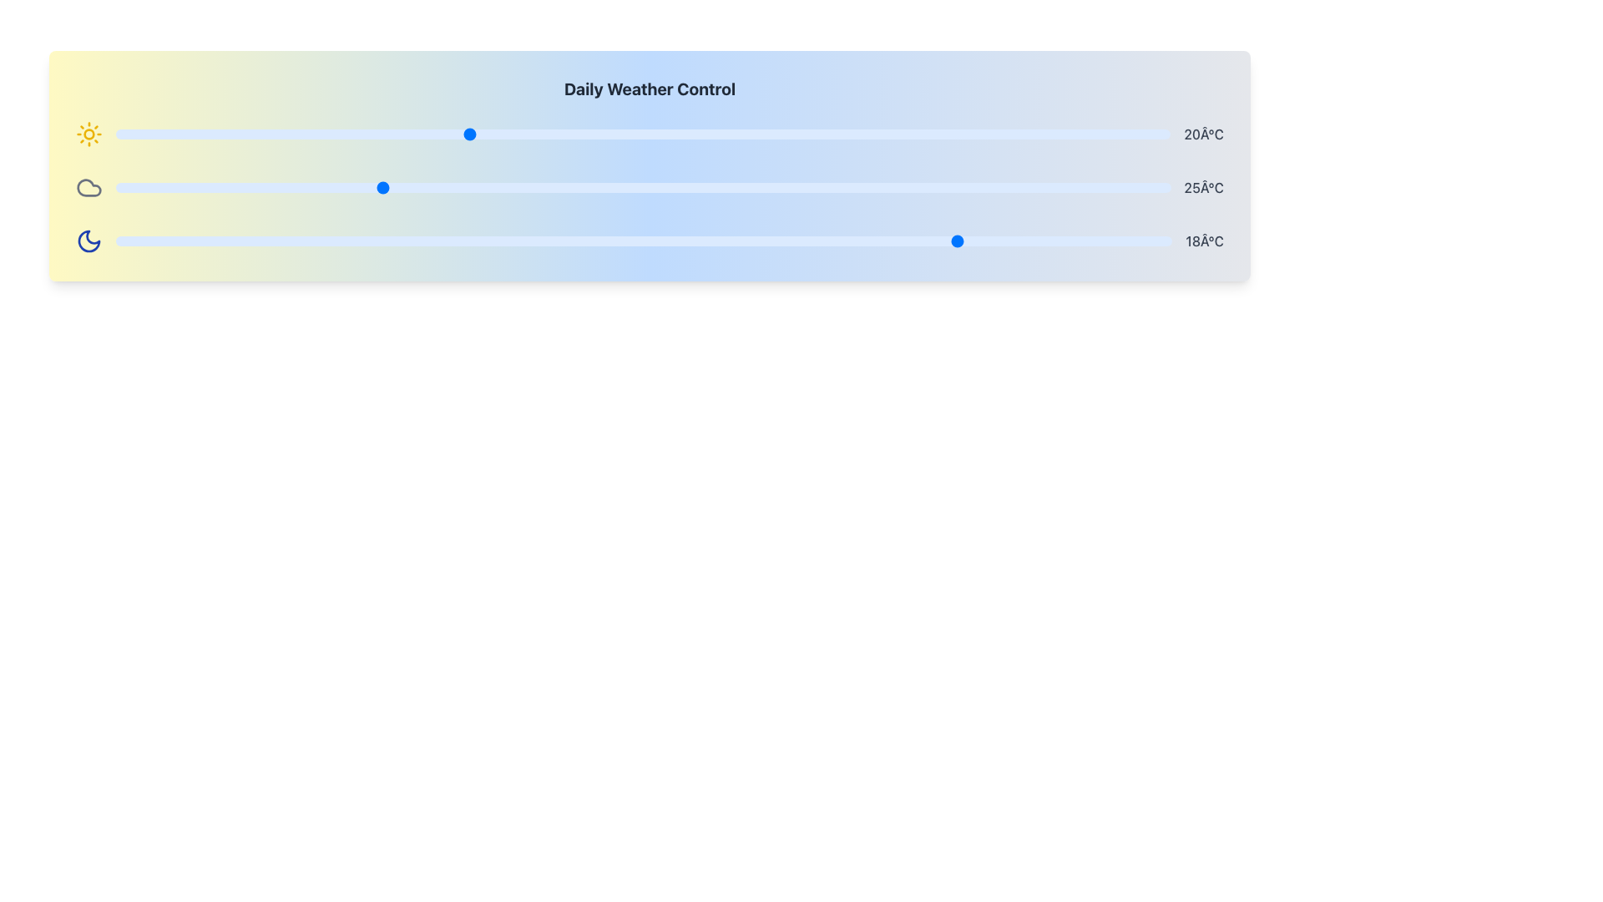  What do you see at coordinates (961, 241) in the screenshot?
I see `the temperature slider` at bounding box center [961, 241].